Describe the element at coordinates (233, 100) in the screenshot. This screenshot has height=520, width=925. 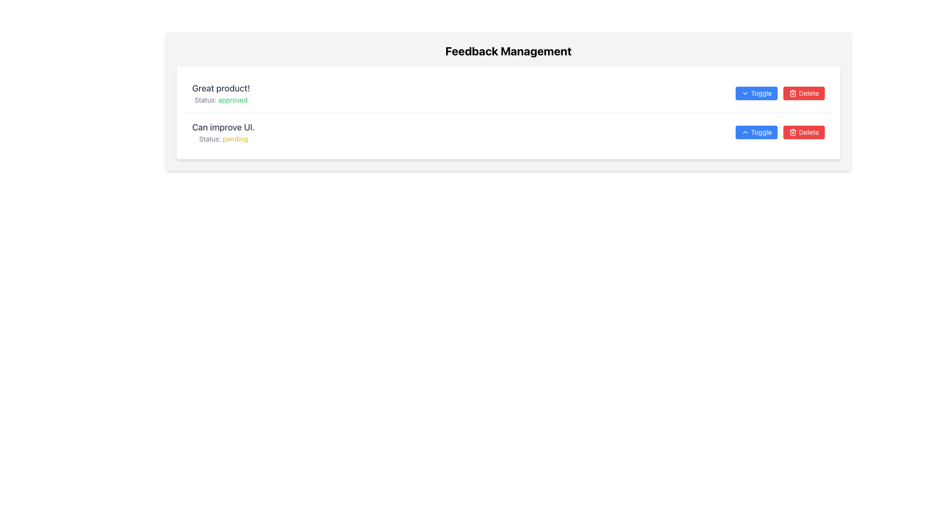
I see `the text 'approved' which is styled in green and part of the label 'Status: approved' indicating approval status in the first feedback entry labeled 'Great product!'` at that location.